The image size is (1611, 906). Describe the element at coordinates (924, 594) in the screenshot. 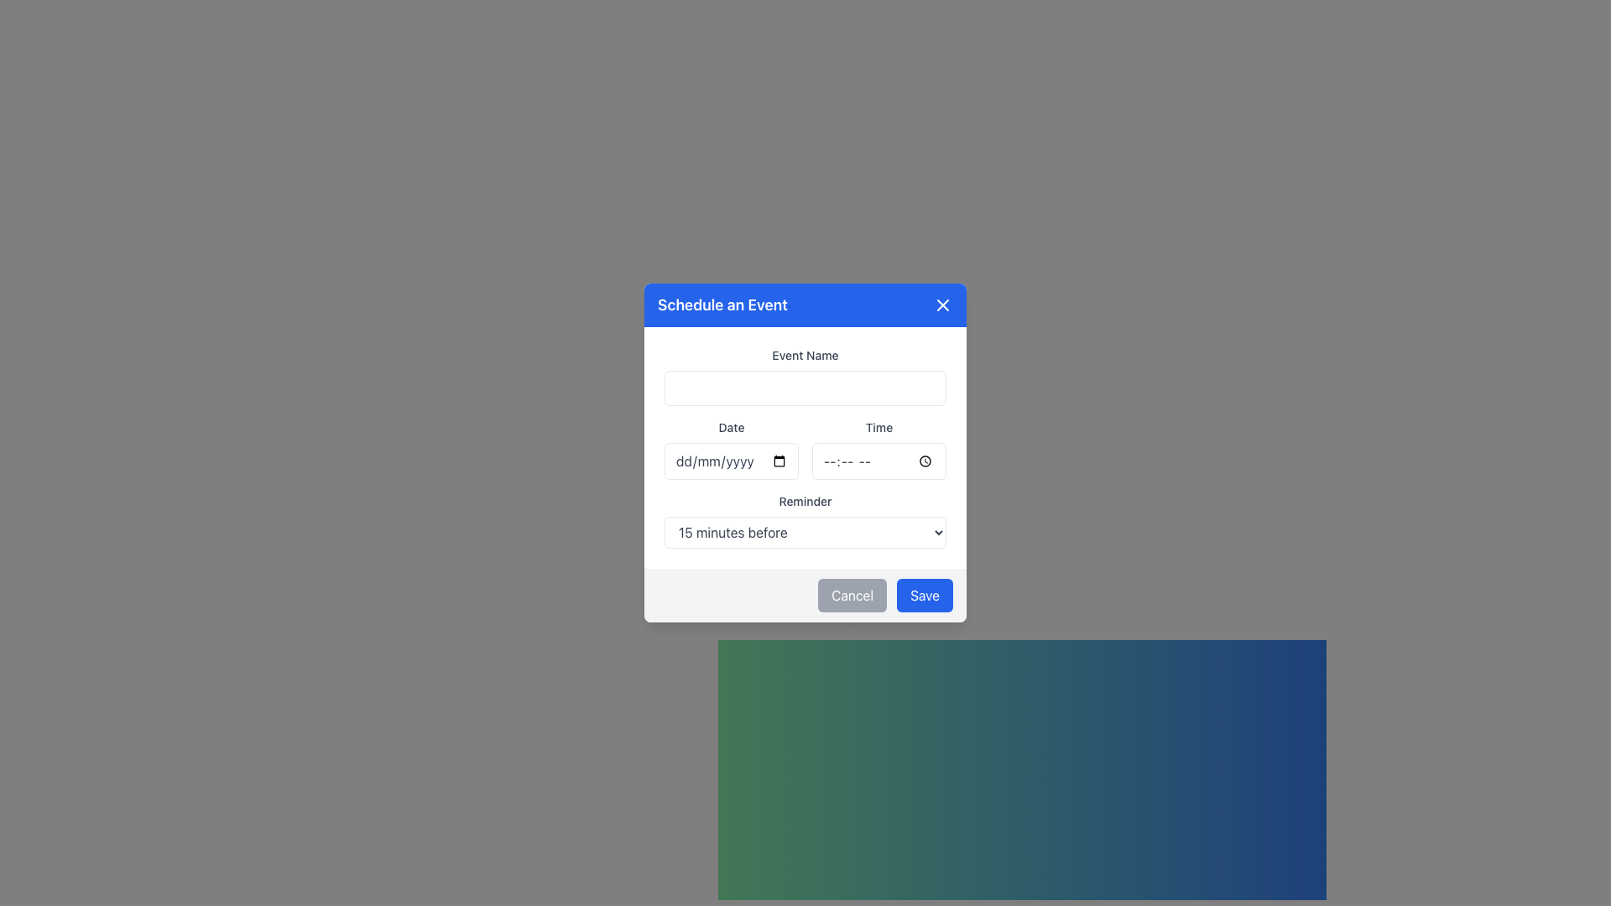

I see `the confirm button located at the bottom right of the modal dialog` at that location.